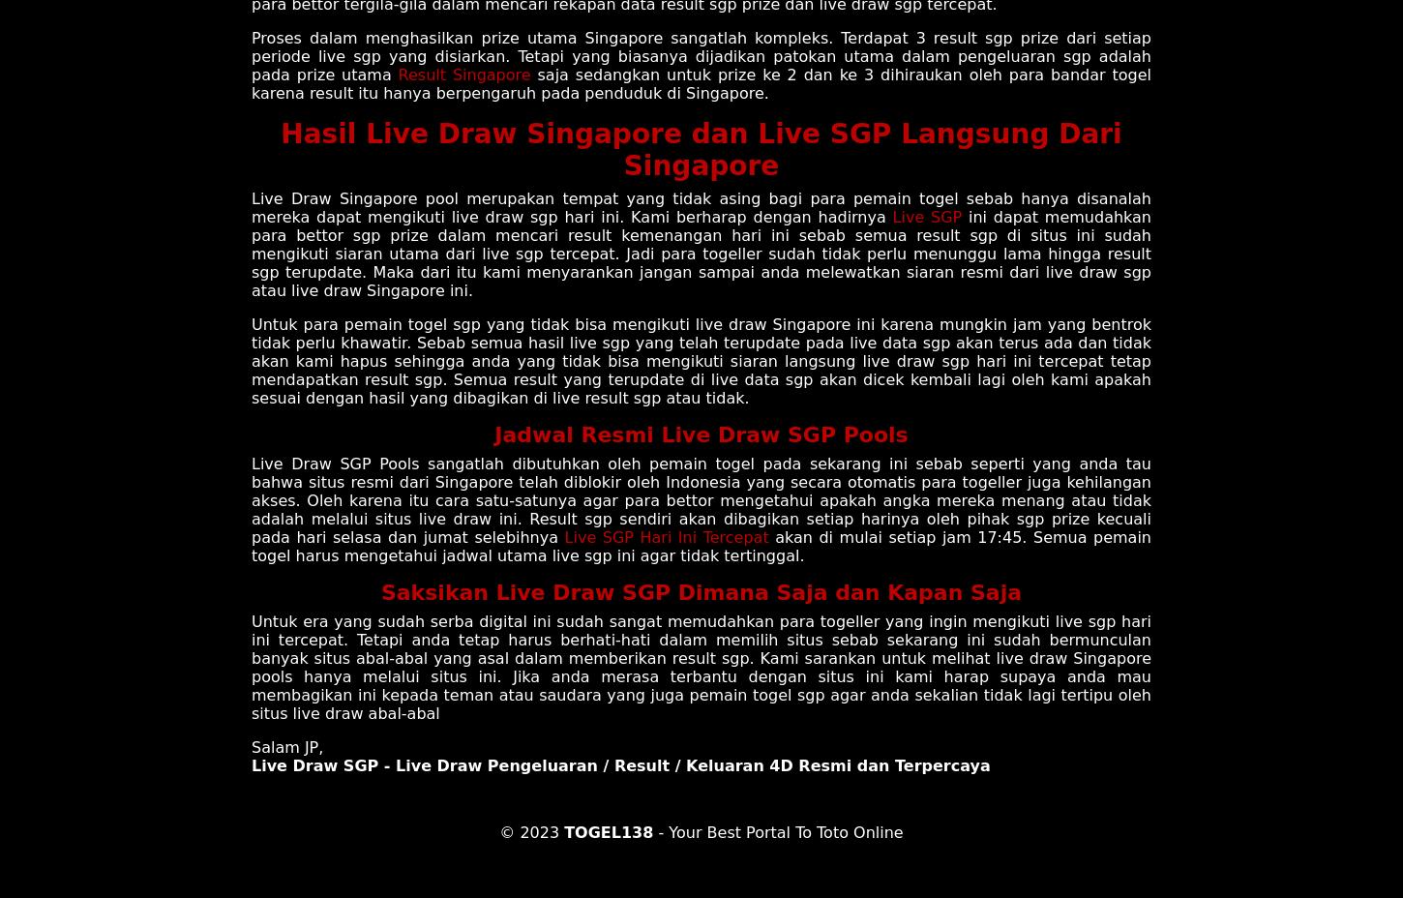 The height and width of the screenshot is (898, 1403). What do you see at coordinates (926, 216) in the screenshot?
I see `'Live SGP'` at bounding box center [926, 216].